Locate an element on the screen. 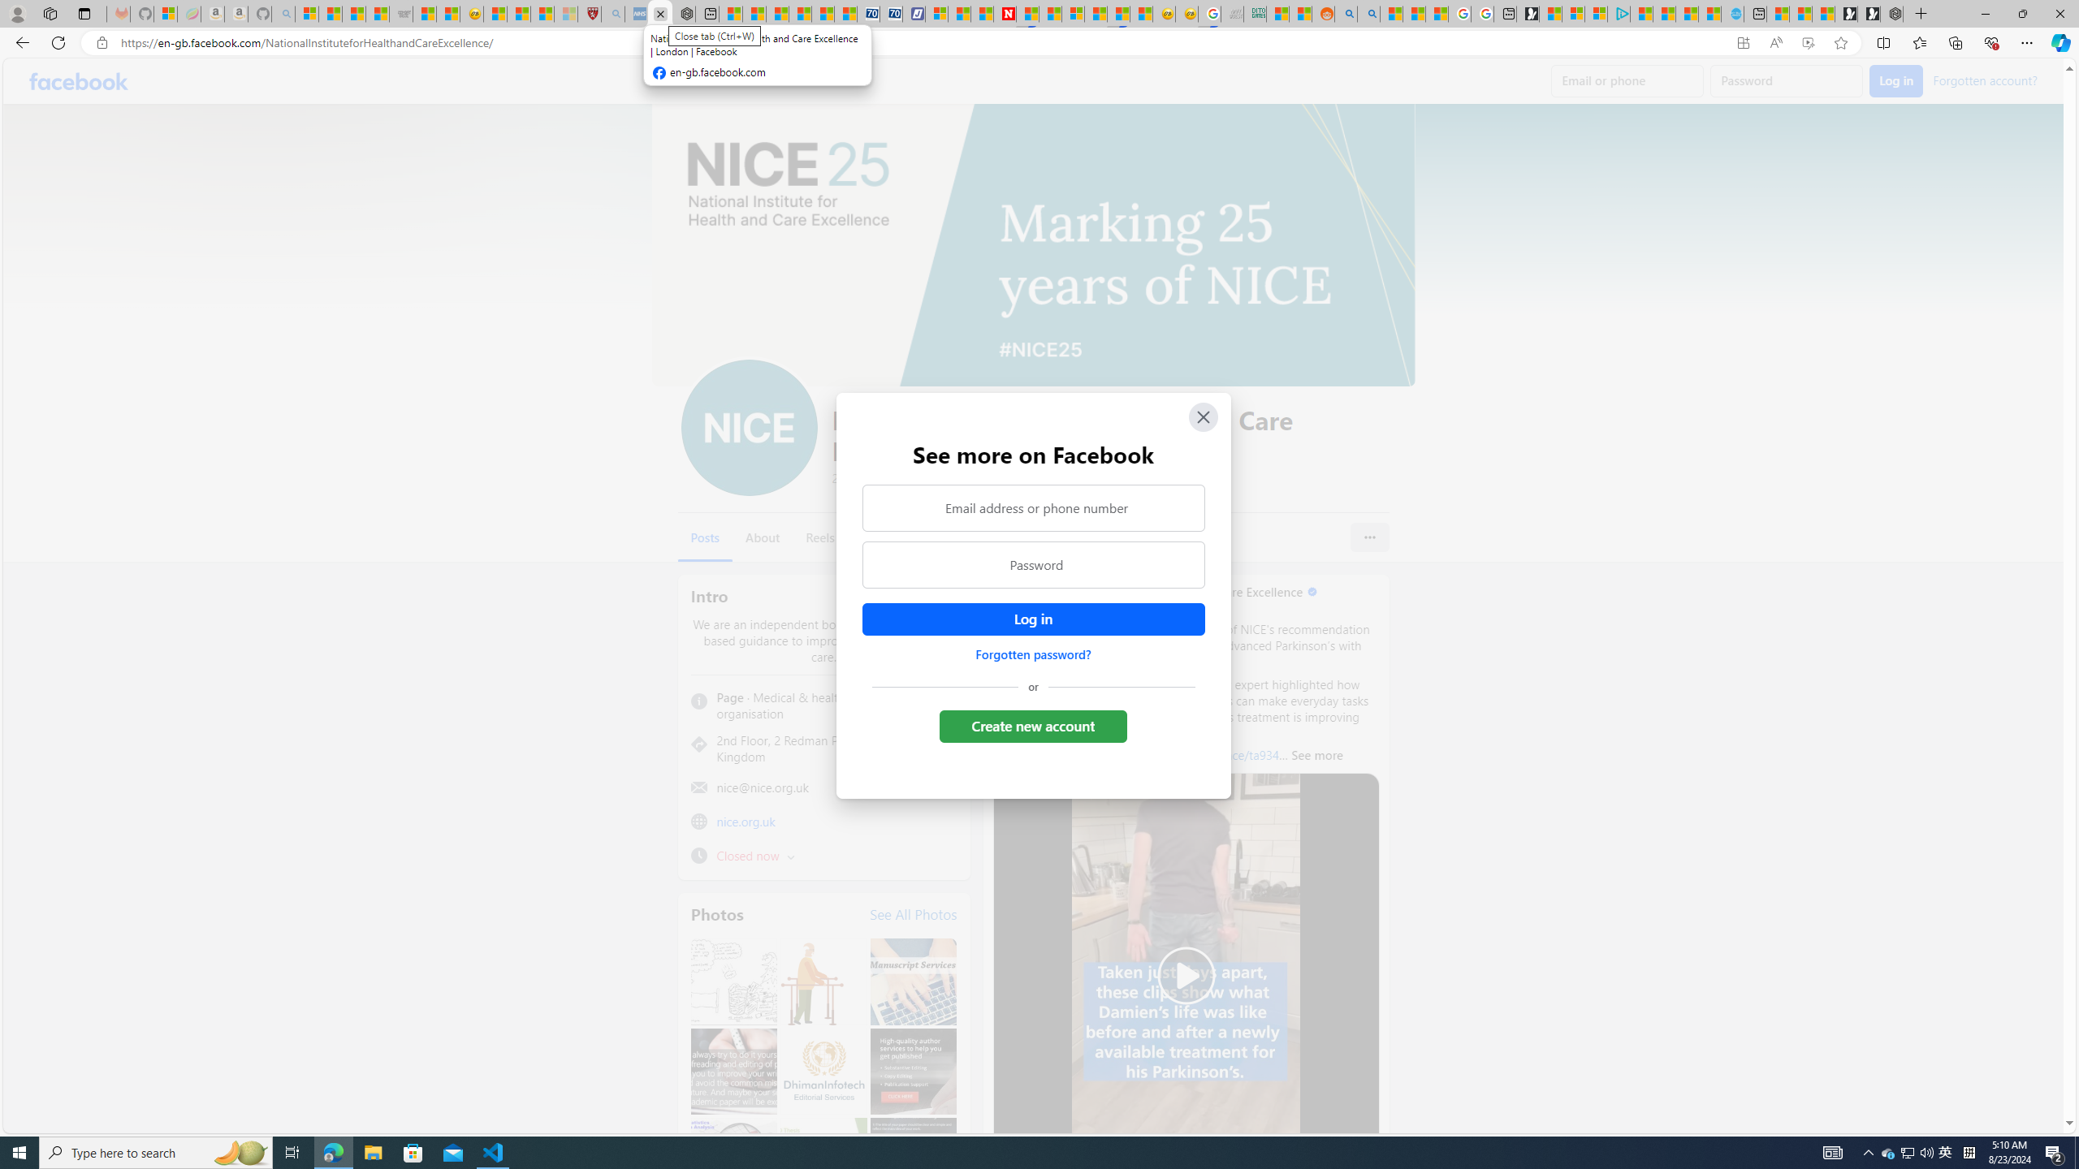 The width and height of the screenshot is (2079, 1169). 'Robert H. Shmerling, MD - Harvard Health' is located at coordinates (590, 13).